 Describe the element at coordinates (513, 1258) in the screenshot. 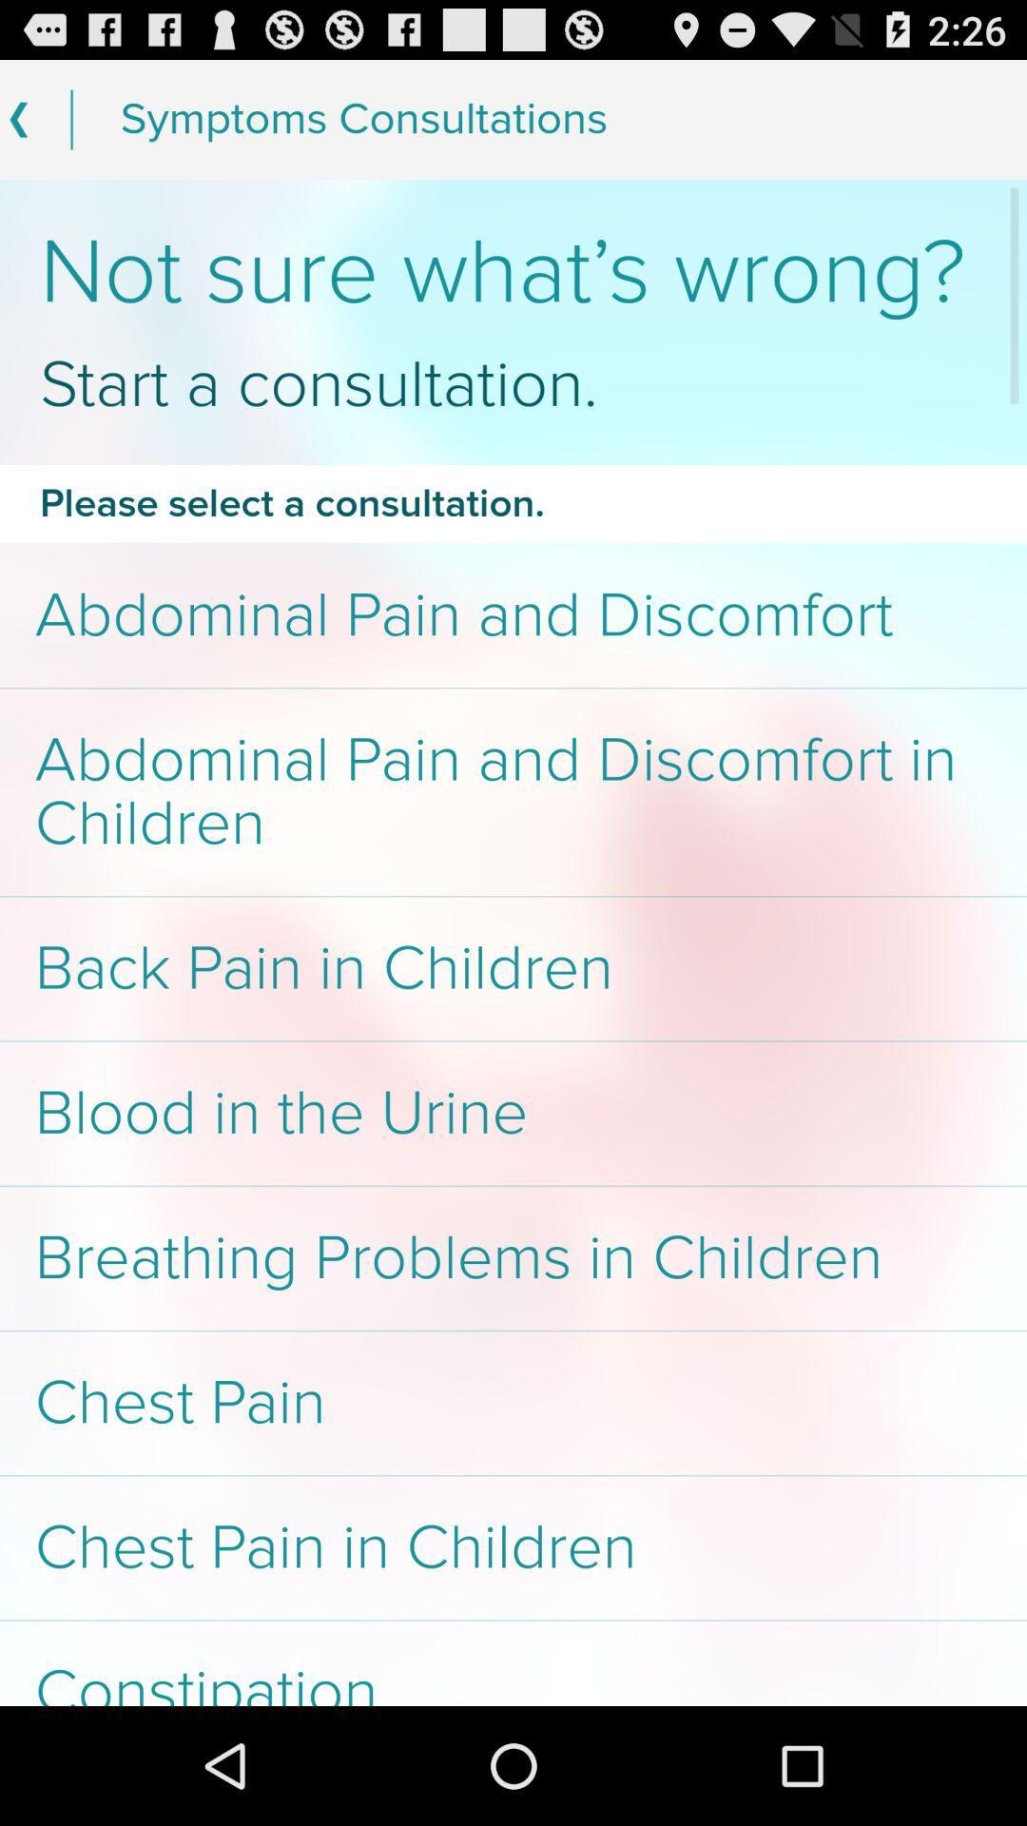

I see `the breathing problems in` at that location.